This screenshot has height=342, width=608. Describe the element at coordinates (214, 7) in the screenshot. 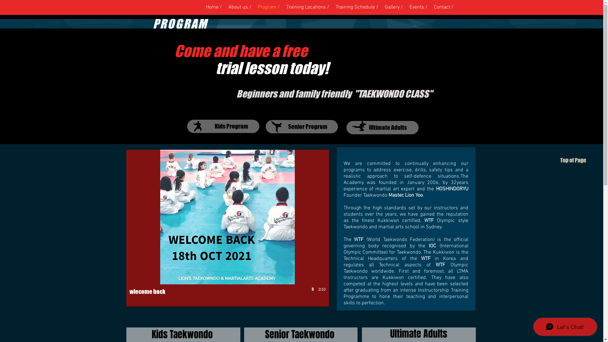

I see `'Home /'` at that location.